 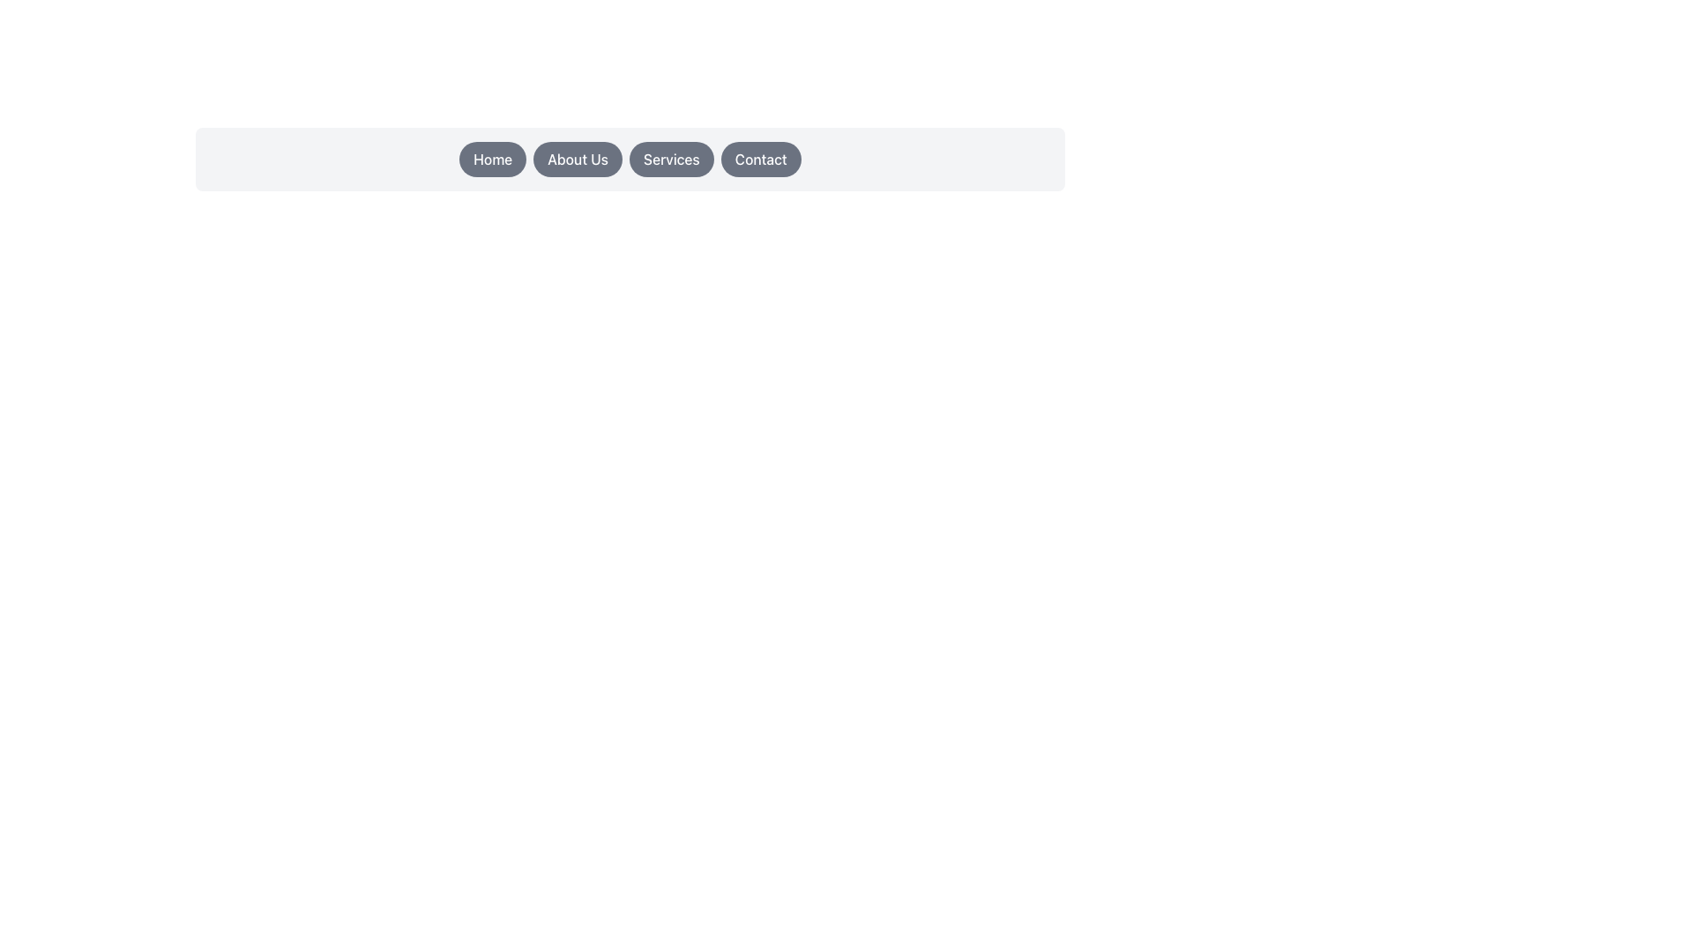 What do you see at coordinates (630, 160) in the screenshot?
I see `the 'Services' button in the Navigational Button Group located at the center-top of the interface` at bounding box center [630, 160].